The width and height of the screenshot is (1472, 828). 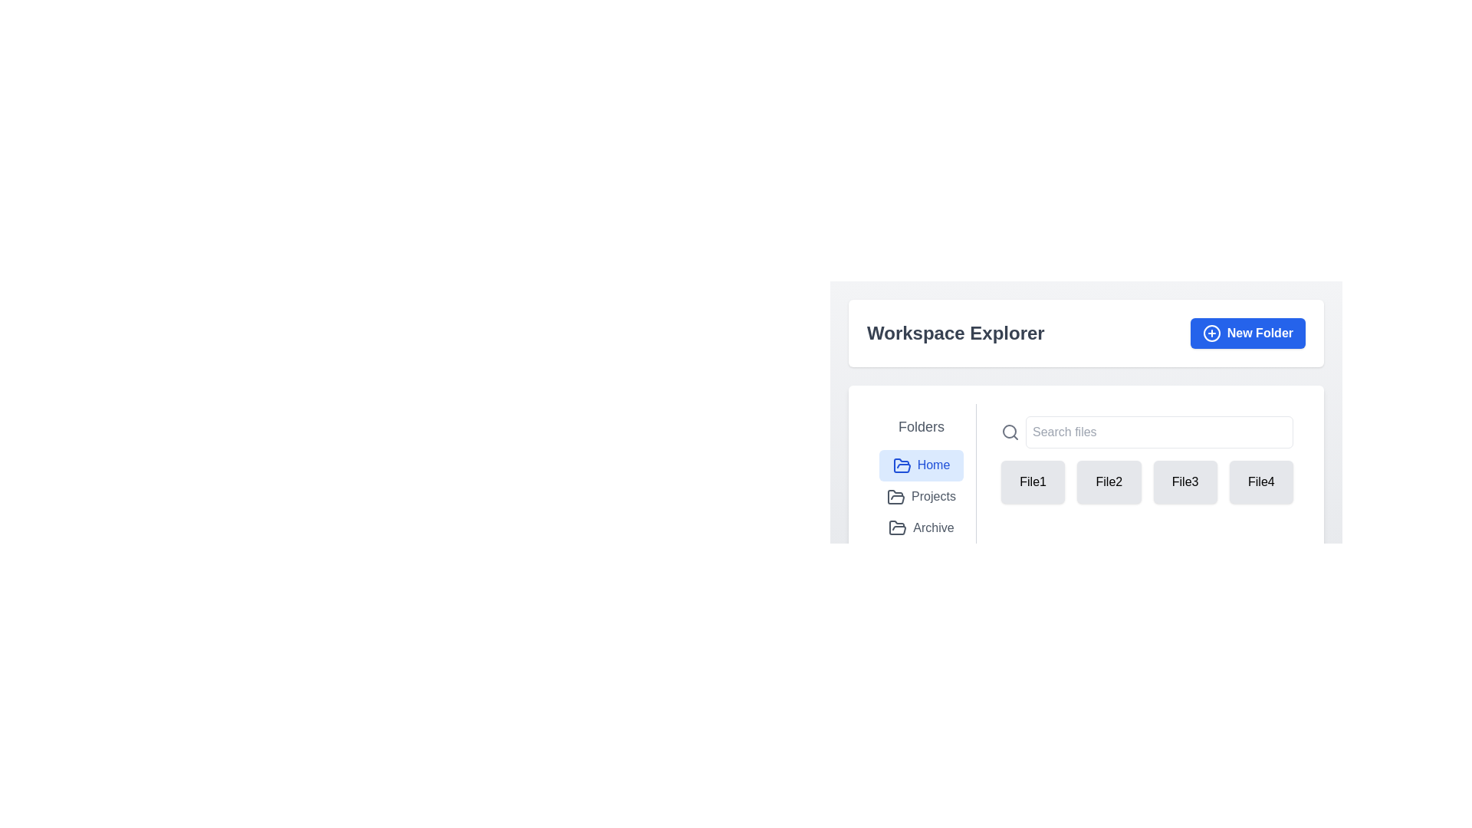 I want to click on the selectable file item labeled 'File4', which is the last item in a horizontal grid layout, so click(x=1261, y=481).